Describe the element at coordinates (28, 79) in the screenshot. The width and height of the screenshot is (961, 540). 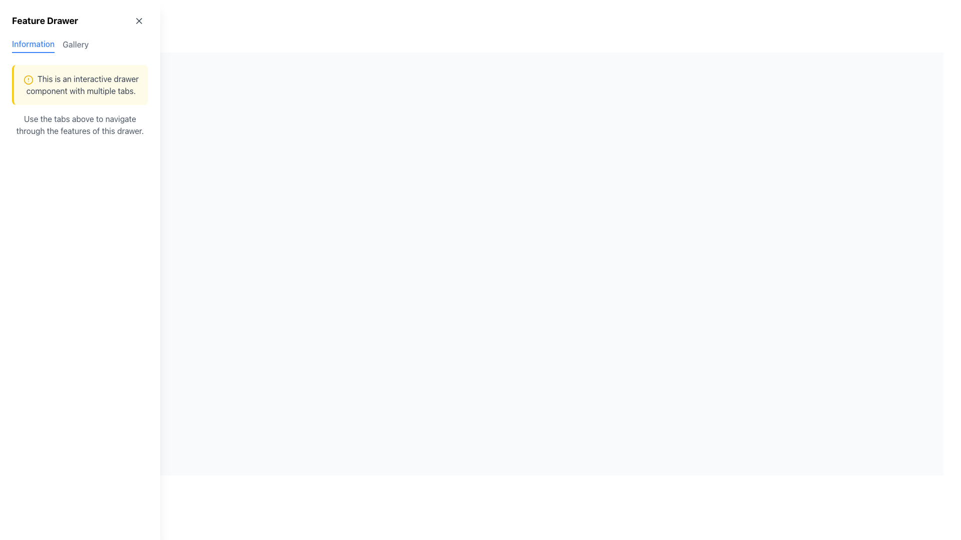
I see `the circular shape in the alert icon, which serves as a visual indicator within the yellow-highlighted message box in the left feature drawer panel` at that location.